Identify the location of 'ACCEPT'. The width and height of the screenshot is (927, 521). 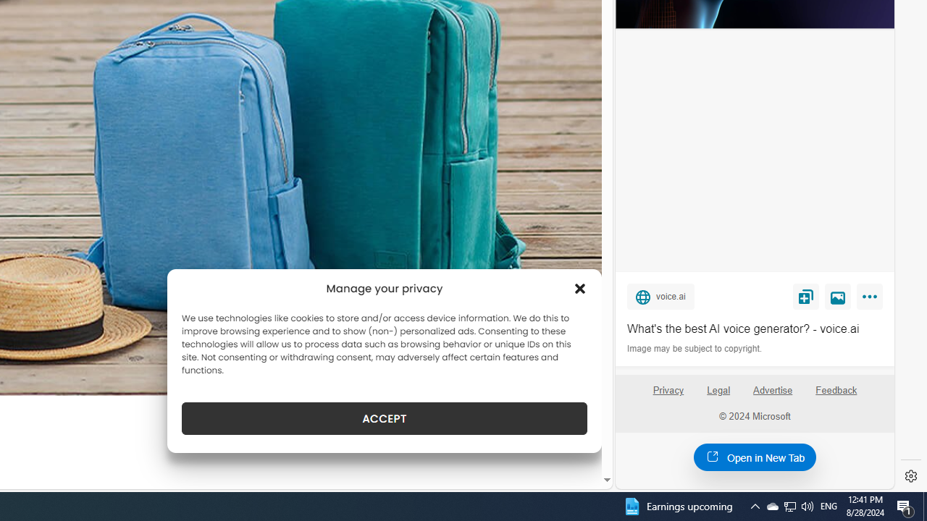
(385, 418).